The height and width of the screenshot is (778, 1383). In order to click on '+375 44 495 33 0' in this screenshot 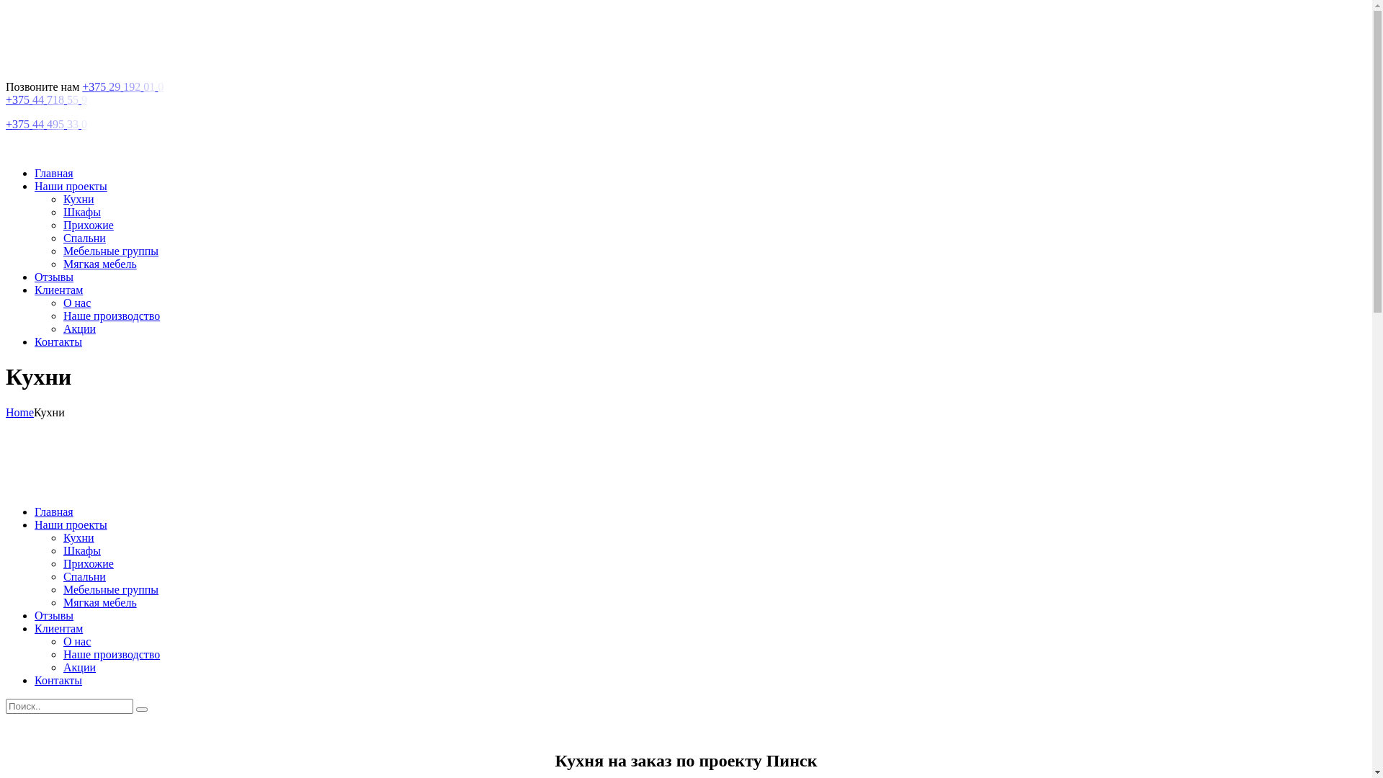, I will do `click(49, 123)`.